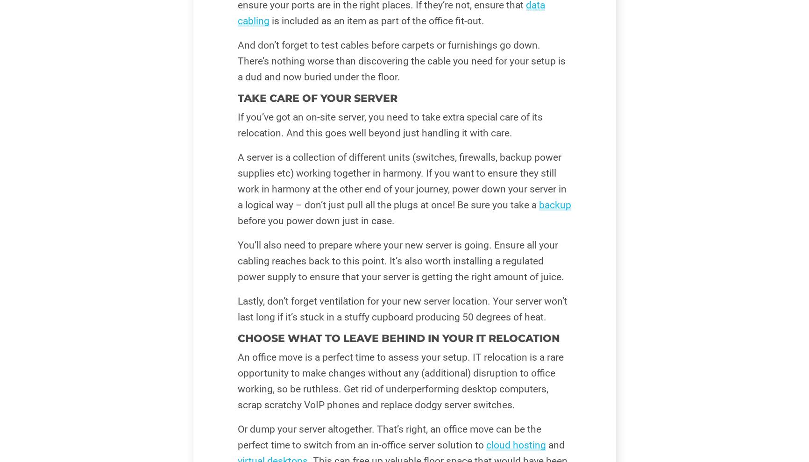 The width and height of the screenshot is (809, 462). Describe the element at coordinates (401, 309) in the screenshot. I see `'Lastly, don’t forget ventilation for your new server location. Your server won’t last long if it’s stuck in a stuffy cupboard producing 50 degrees of heat.'` at that location.